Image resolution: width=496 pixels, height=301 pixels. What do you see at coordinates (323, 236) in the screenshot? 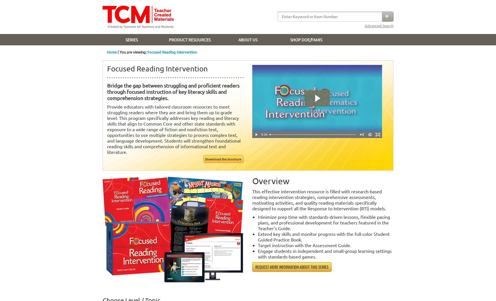
I see `'Extend key skills and monitor progress with the full-color Student Guided Practice Book.'` at bounding box center [323, 236].